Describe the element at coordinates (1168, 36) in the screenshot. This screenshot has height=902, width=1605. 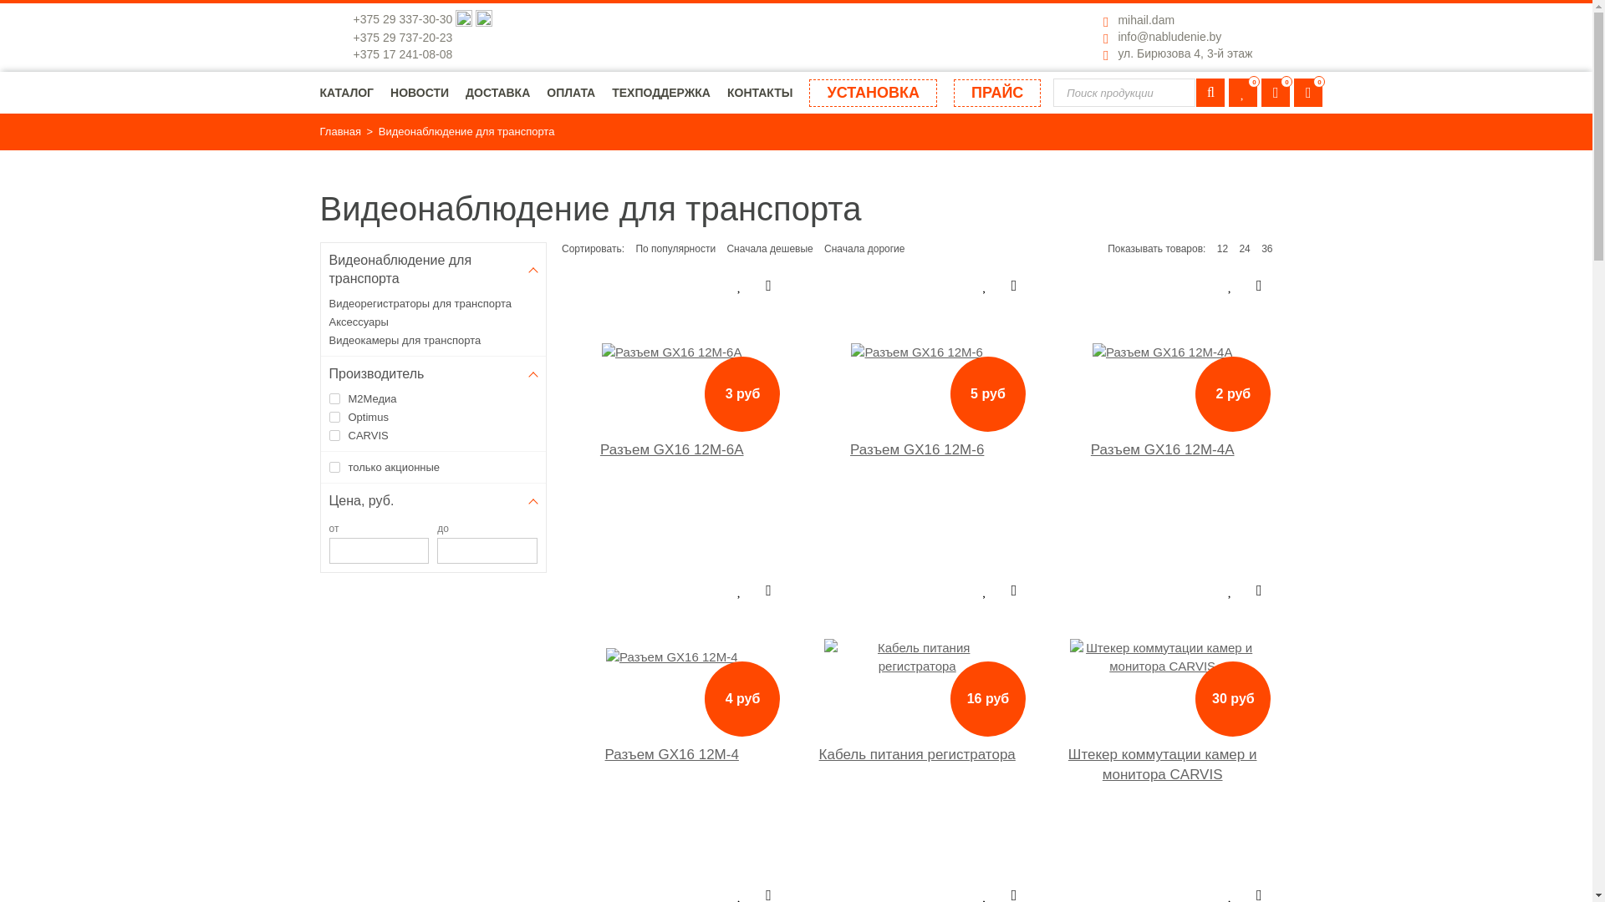
I see `'info@nabludenie.by'` at that location.